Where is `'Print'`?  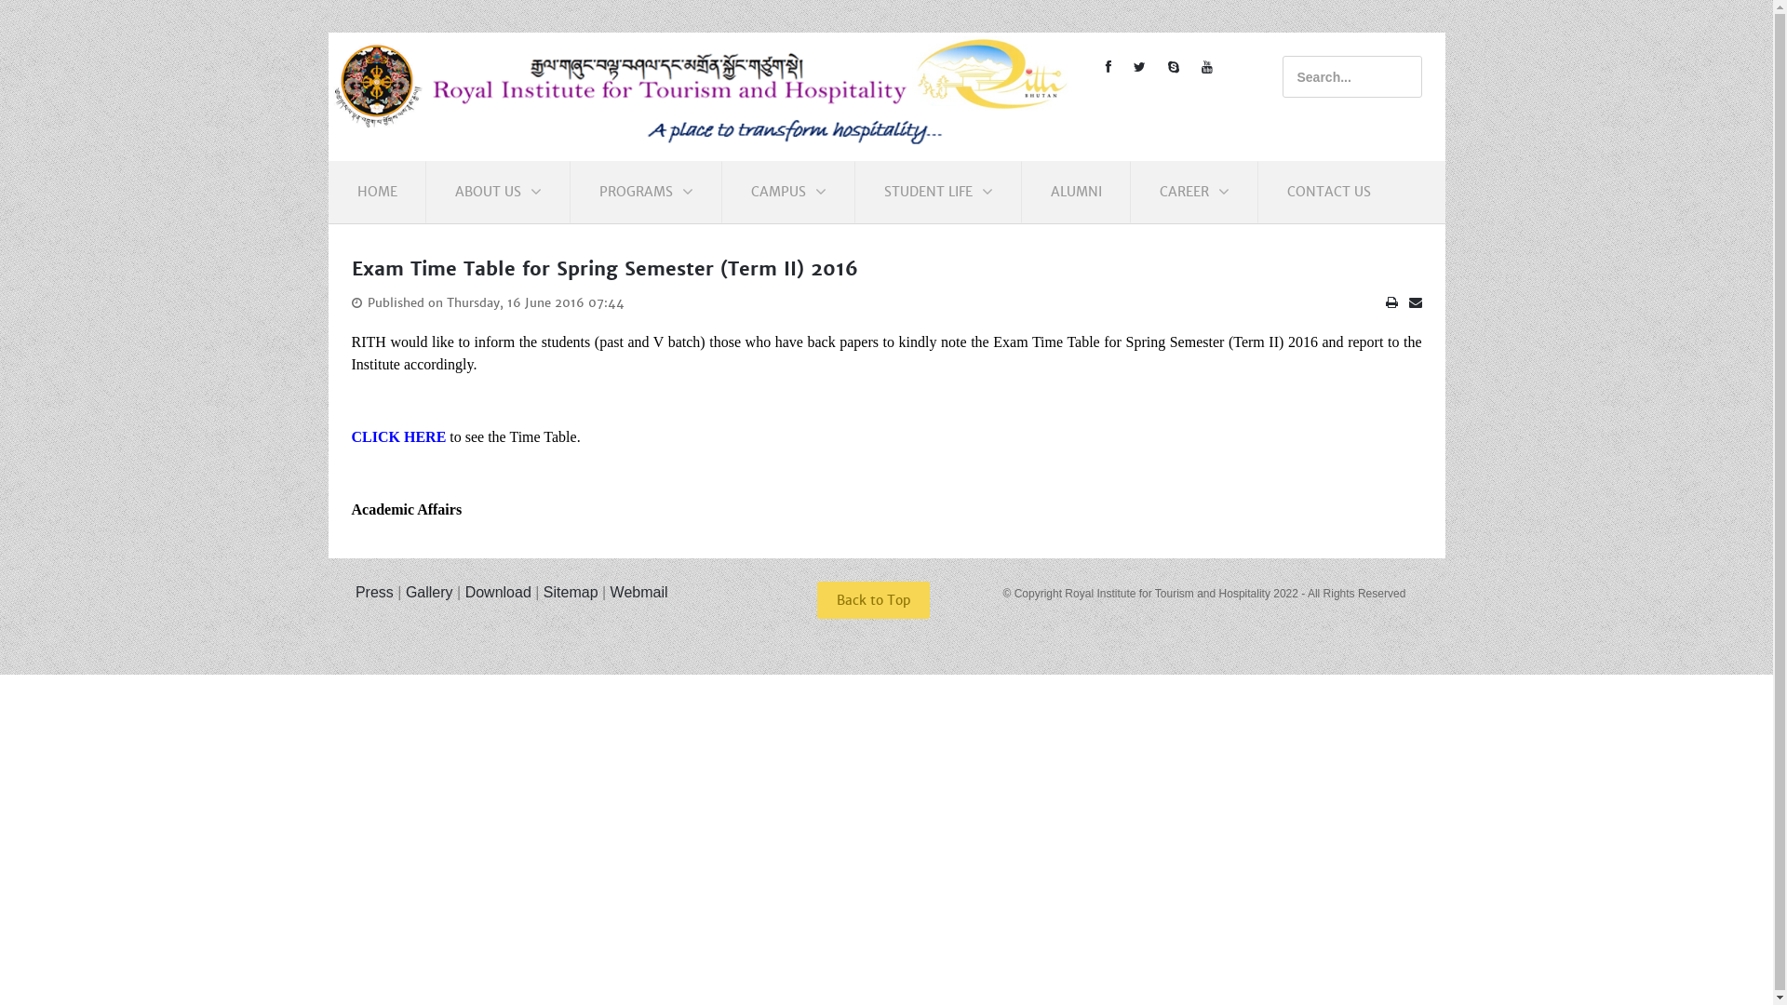 'Print' is located at coordinates (1385, 301).